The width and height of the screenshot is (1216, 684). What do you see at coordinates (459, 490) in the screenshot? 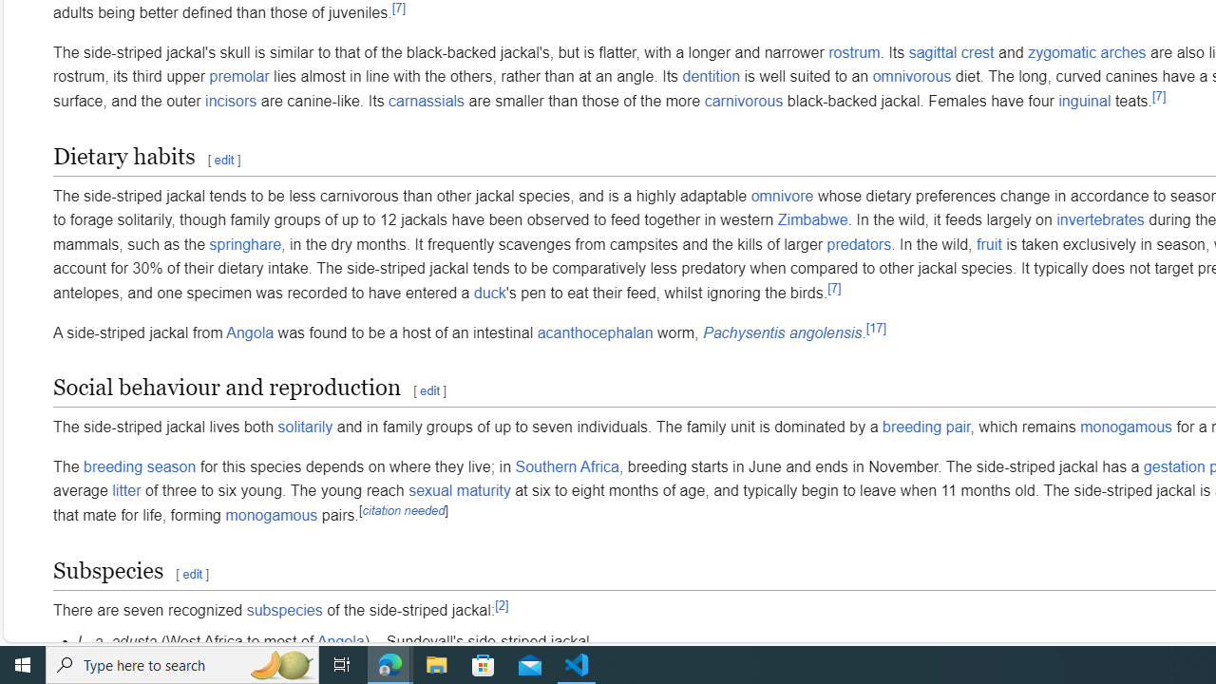
I see `'sexual maturity'` at bounding box center [459, 490].